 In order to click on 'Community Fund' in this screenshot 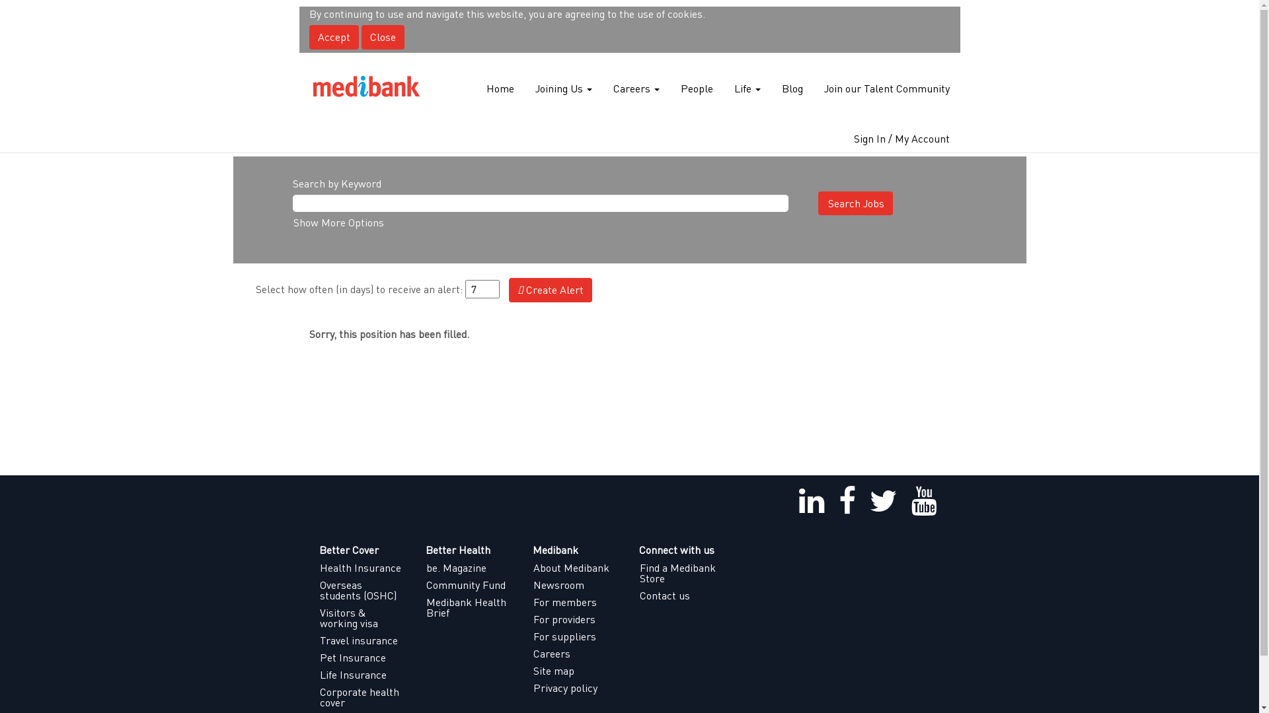, I will do `click(469, 584)`.